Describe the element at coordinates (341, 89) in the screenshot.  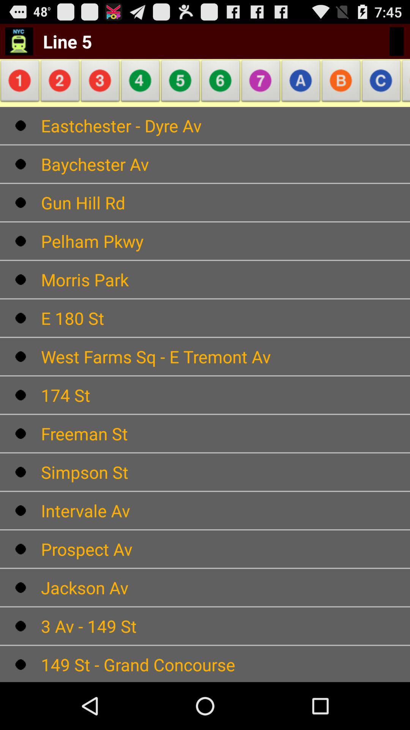
I see `the add icon` at that location.